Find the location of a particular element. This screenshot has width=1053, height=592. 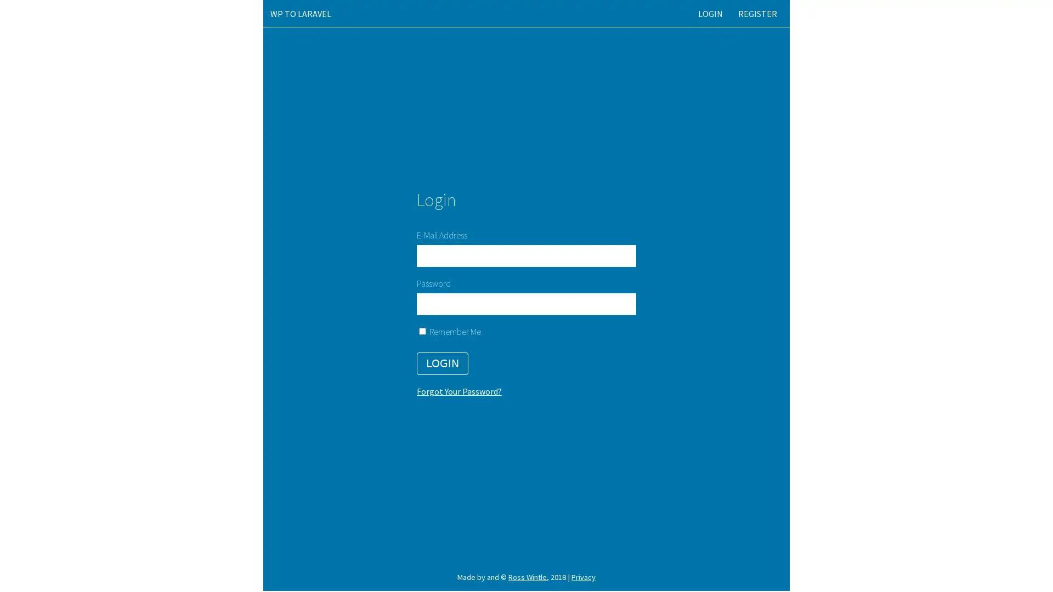

LOGIN is located at coordinates (442, 363).